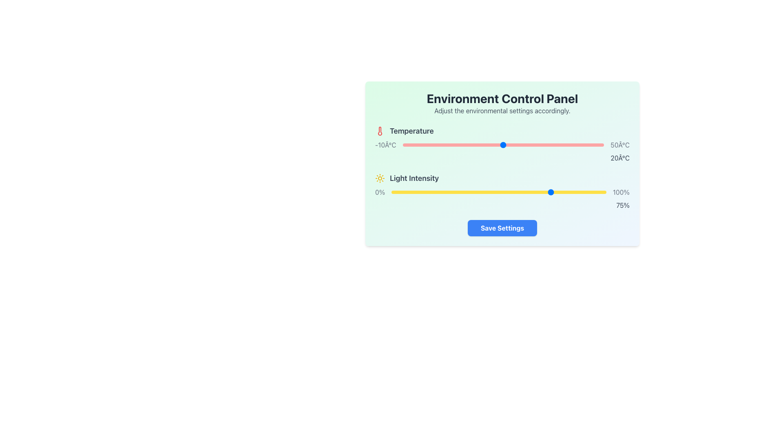  I want to click on the static text label displaying '0%' in gray color, located within the 'Light Intensity' control section, to the left of the yellow slider bar, so click(380, 192).